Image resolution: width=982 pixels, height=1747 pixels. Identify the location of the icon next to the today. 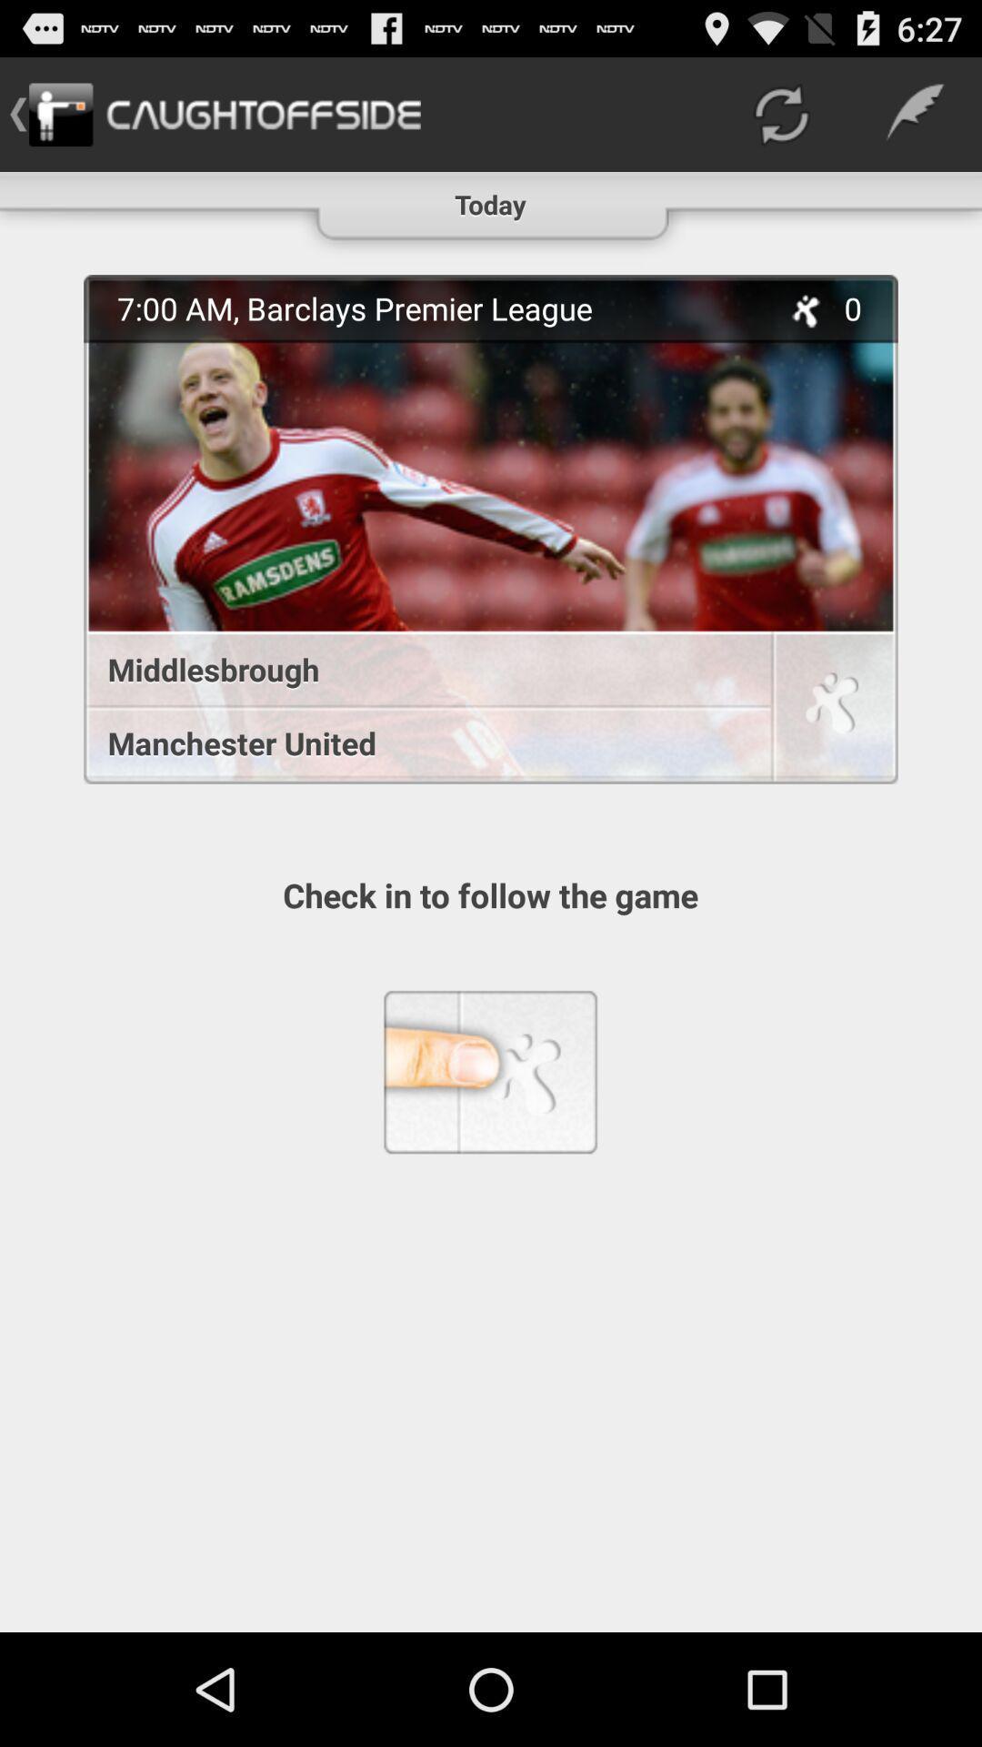
(780, 113).